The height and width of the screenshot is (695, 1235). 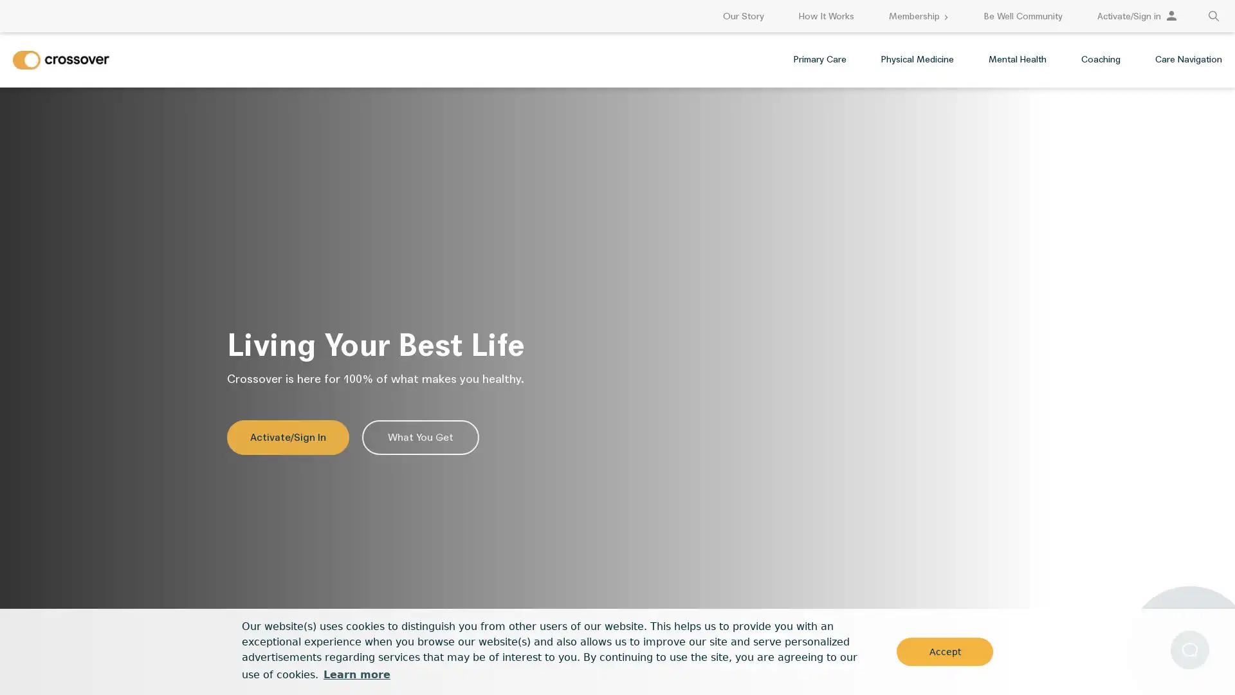 I want to click on dismiss cookie message, so click(x=944, y=651).